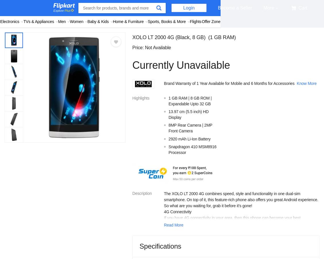 The image size is (324, 259). What do you see at coordinates (163, 230) in the screenshot?
I see `'If you have 4G connectivity in your area, then this phone can become your best companion. Everything will be faster than before. You won’t have to face buffering while browsing internet and downloads will be faster compared to a 3G connection. Even your online gaming and video streaming experiences will become smoother and easier with the high-speed connectivity of this phone.'` at bounding box center [163, 230].